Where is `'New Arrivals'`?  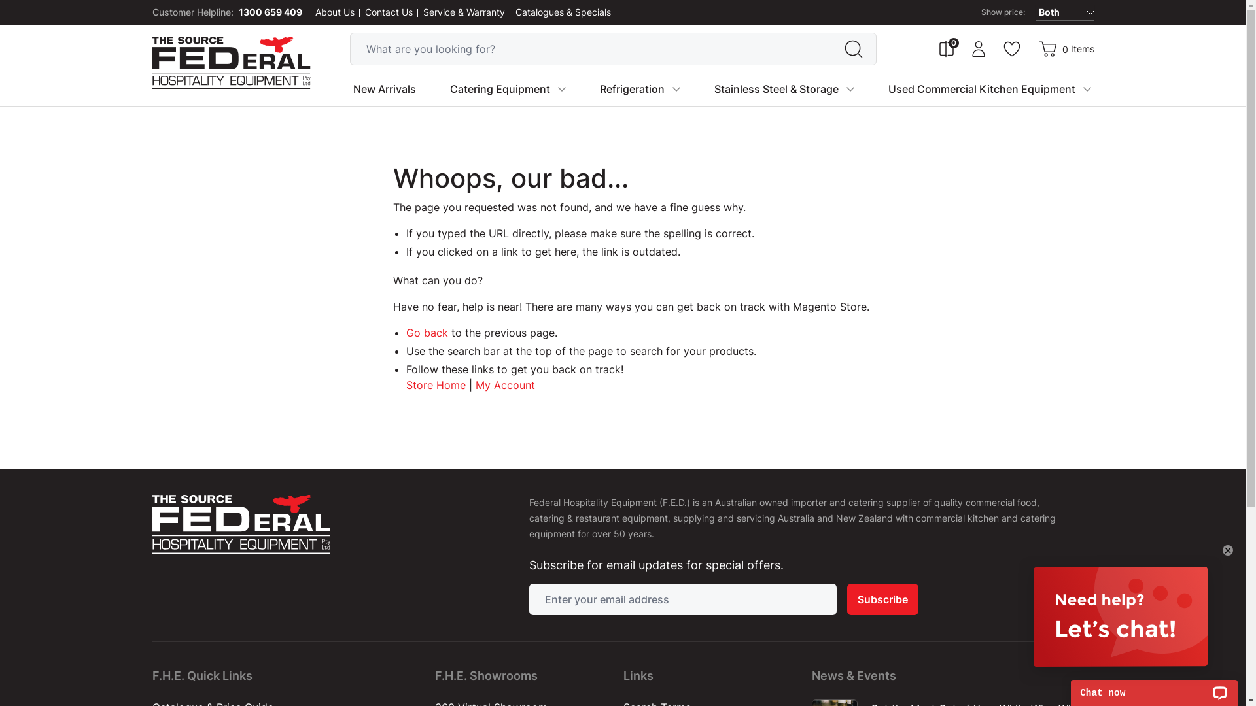
'New Arrivals' is located at coordinates (384, 88).